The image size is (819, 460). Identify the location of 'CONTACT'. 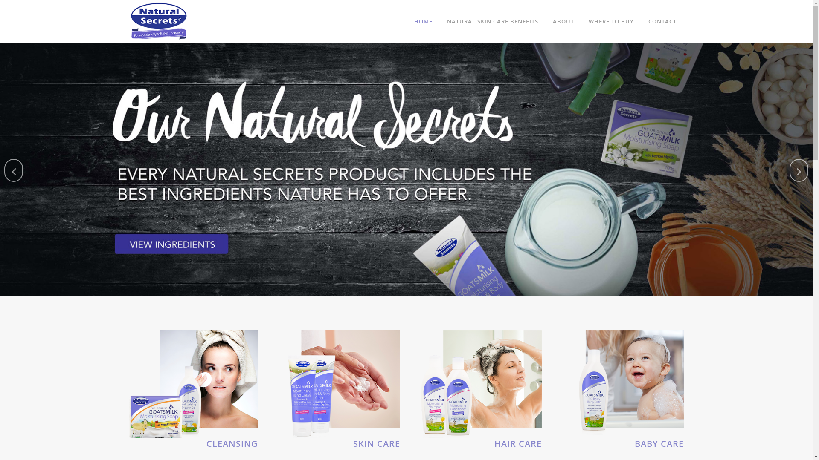
(661, 21).